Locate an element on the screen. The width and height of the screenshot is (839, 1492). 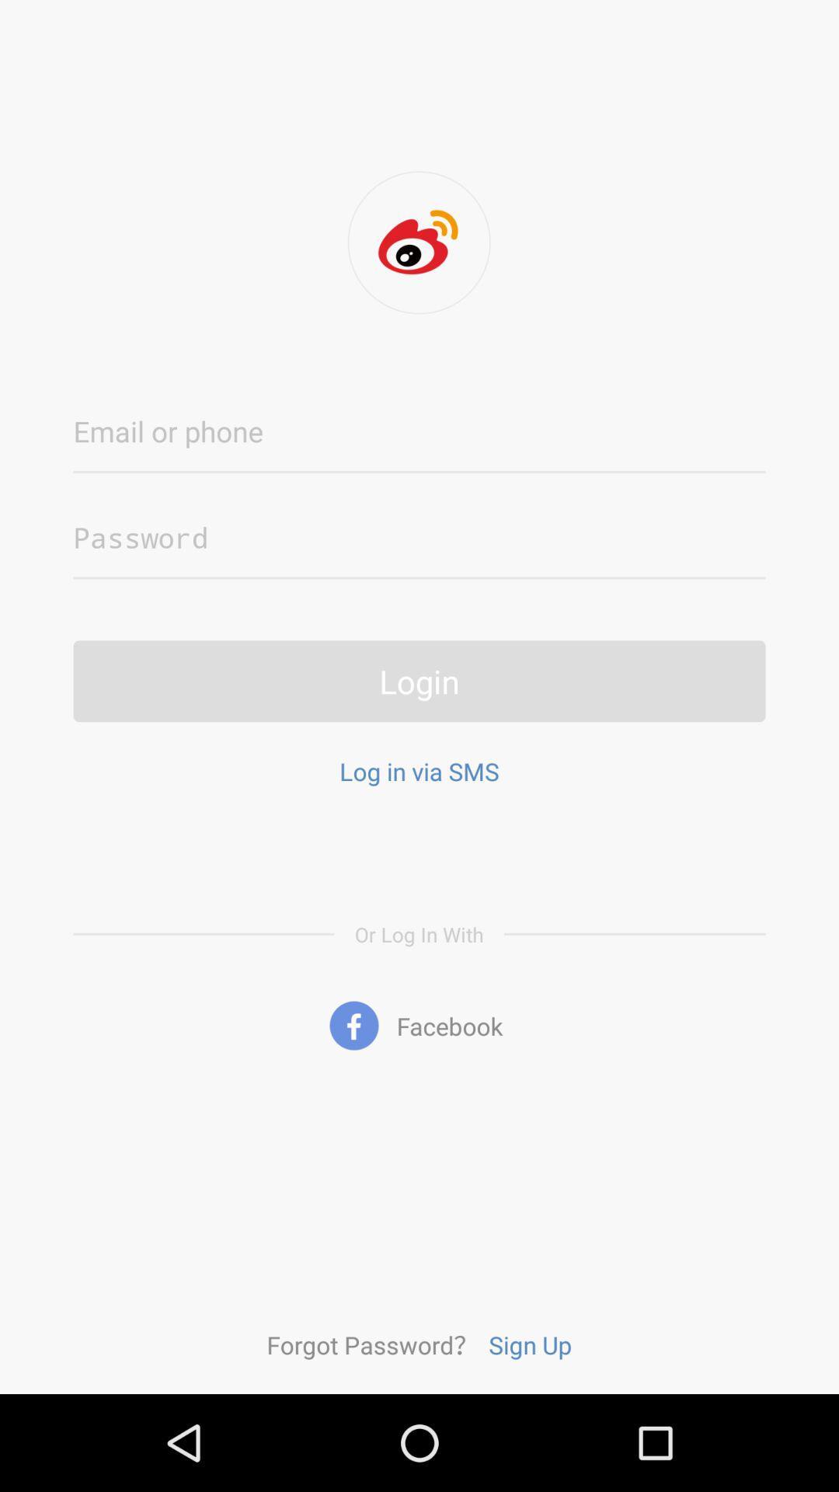
the icon to the left of sign up icon is located at coordinates (372, 1344).